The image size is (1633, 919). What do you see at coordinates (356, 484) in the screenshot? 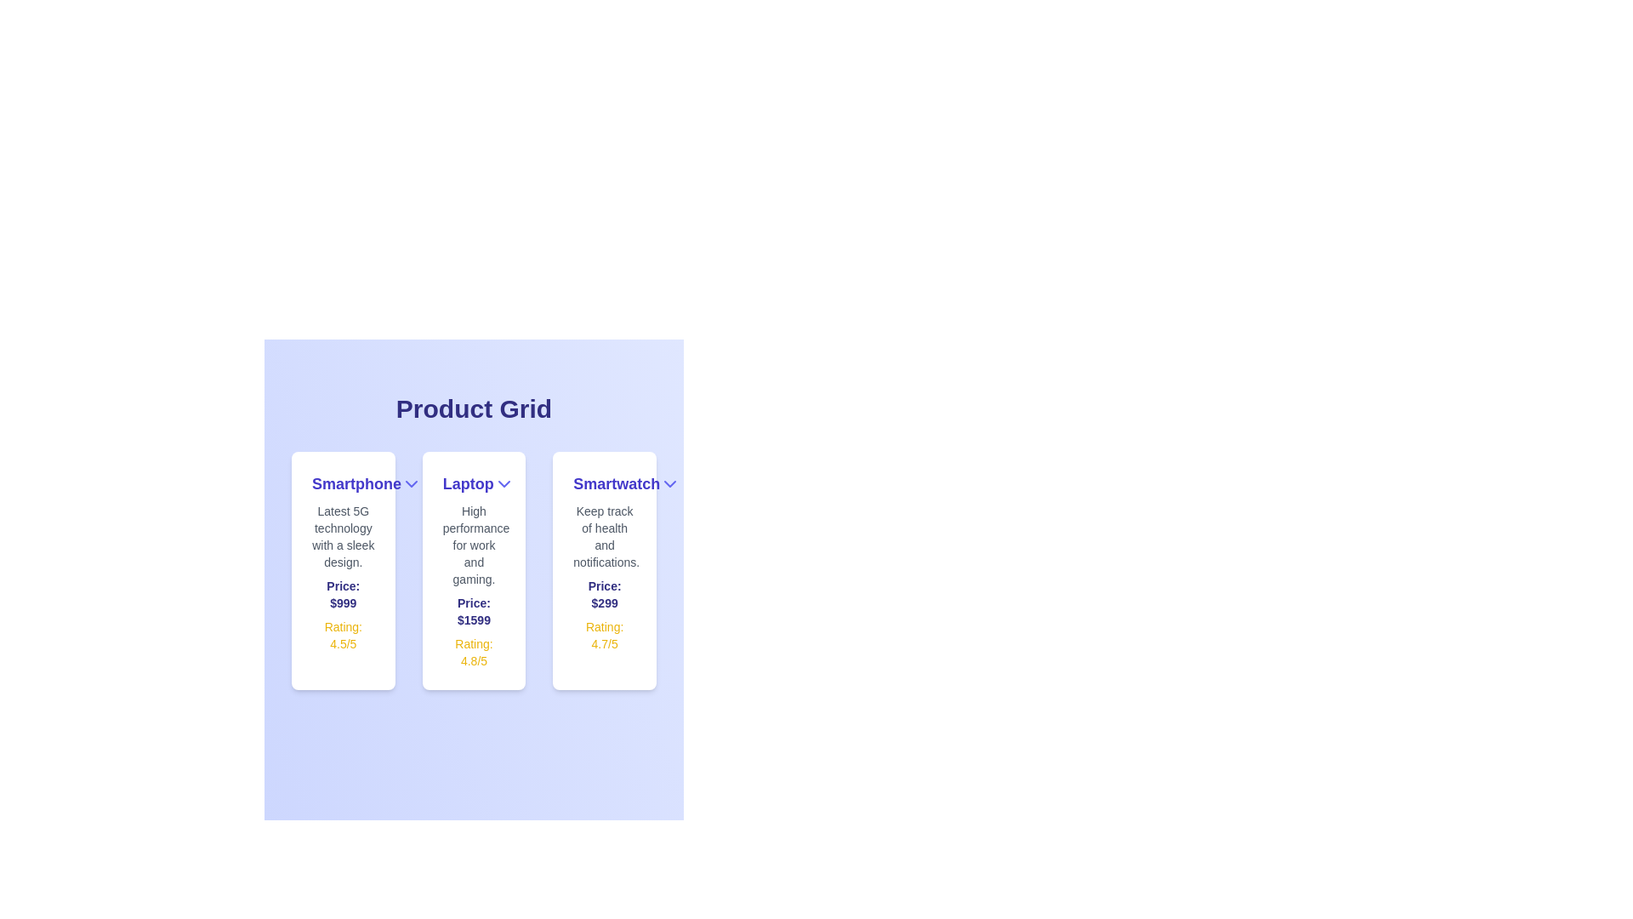
I see `text of the label displaying 'Smartphone' in bold indigo font, located under the 'Product Grid' header in the leftmost card of the product listings` at bounding box center [356, 484].